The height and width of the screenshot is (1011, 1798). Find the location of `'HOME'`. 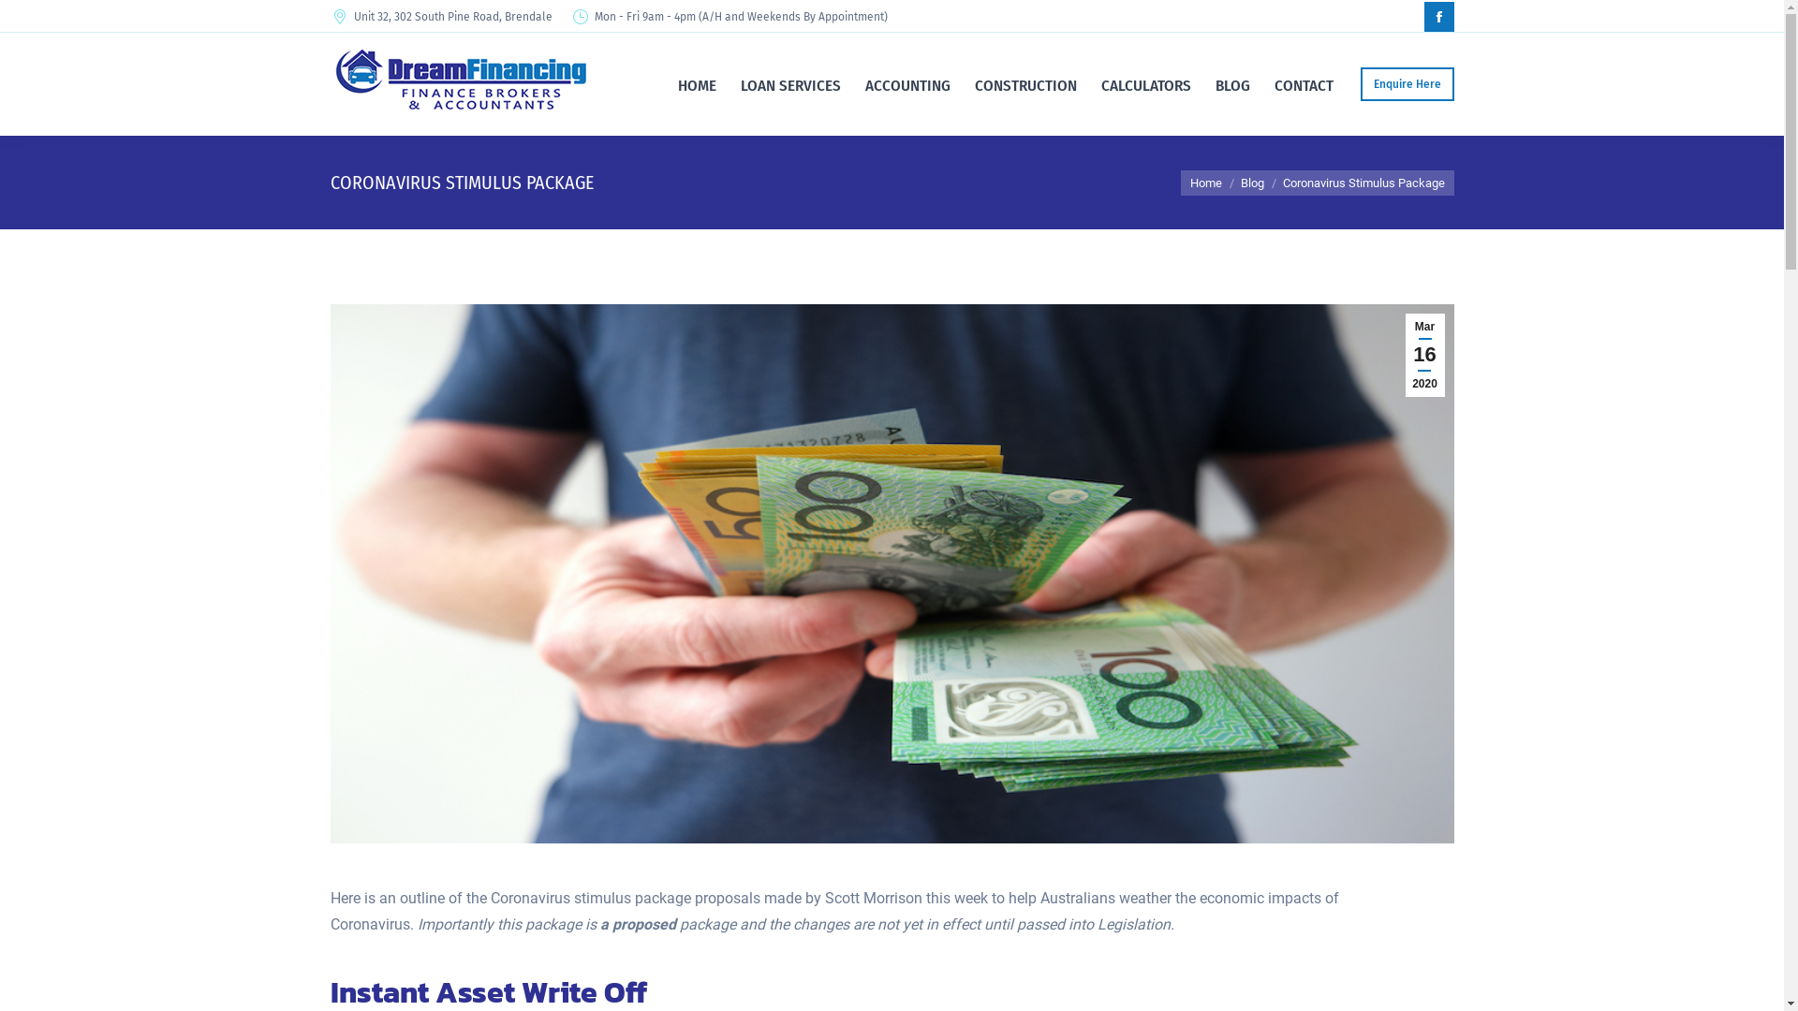

'HOME' is located at coordinates (695, 84).